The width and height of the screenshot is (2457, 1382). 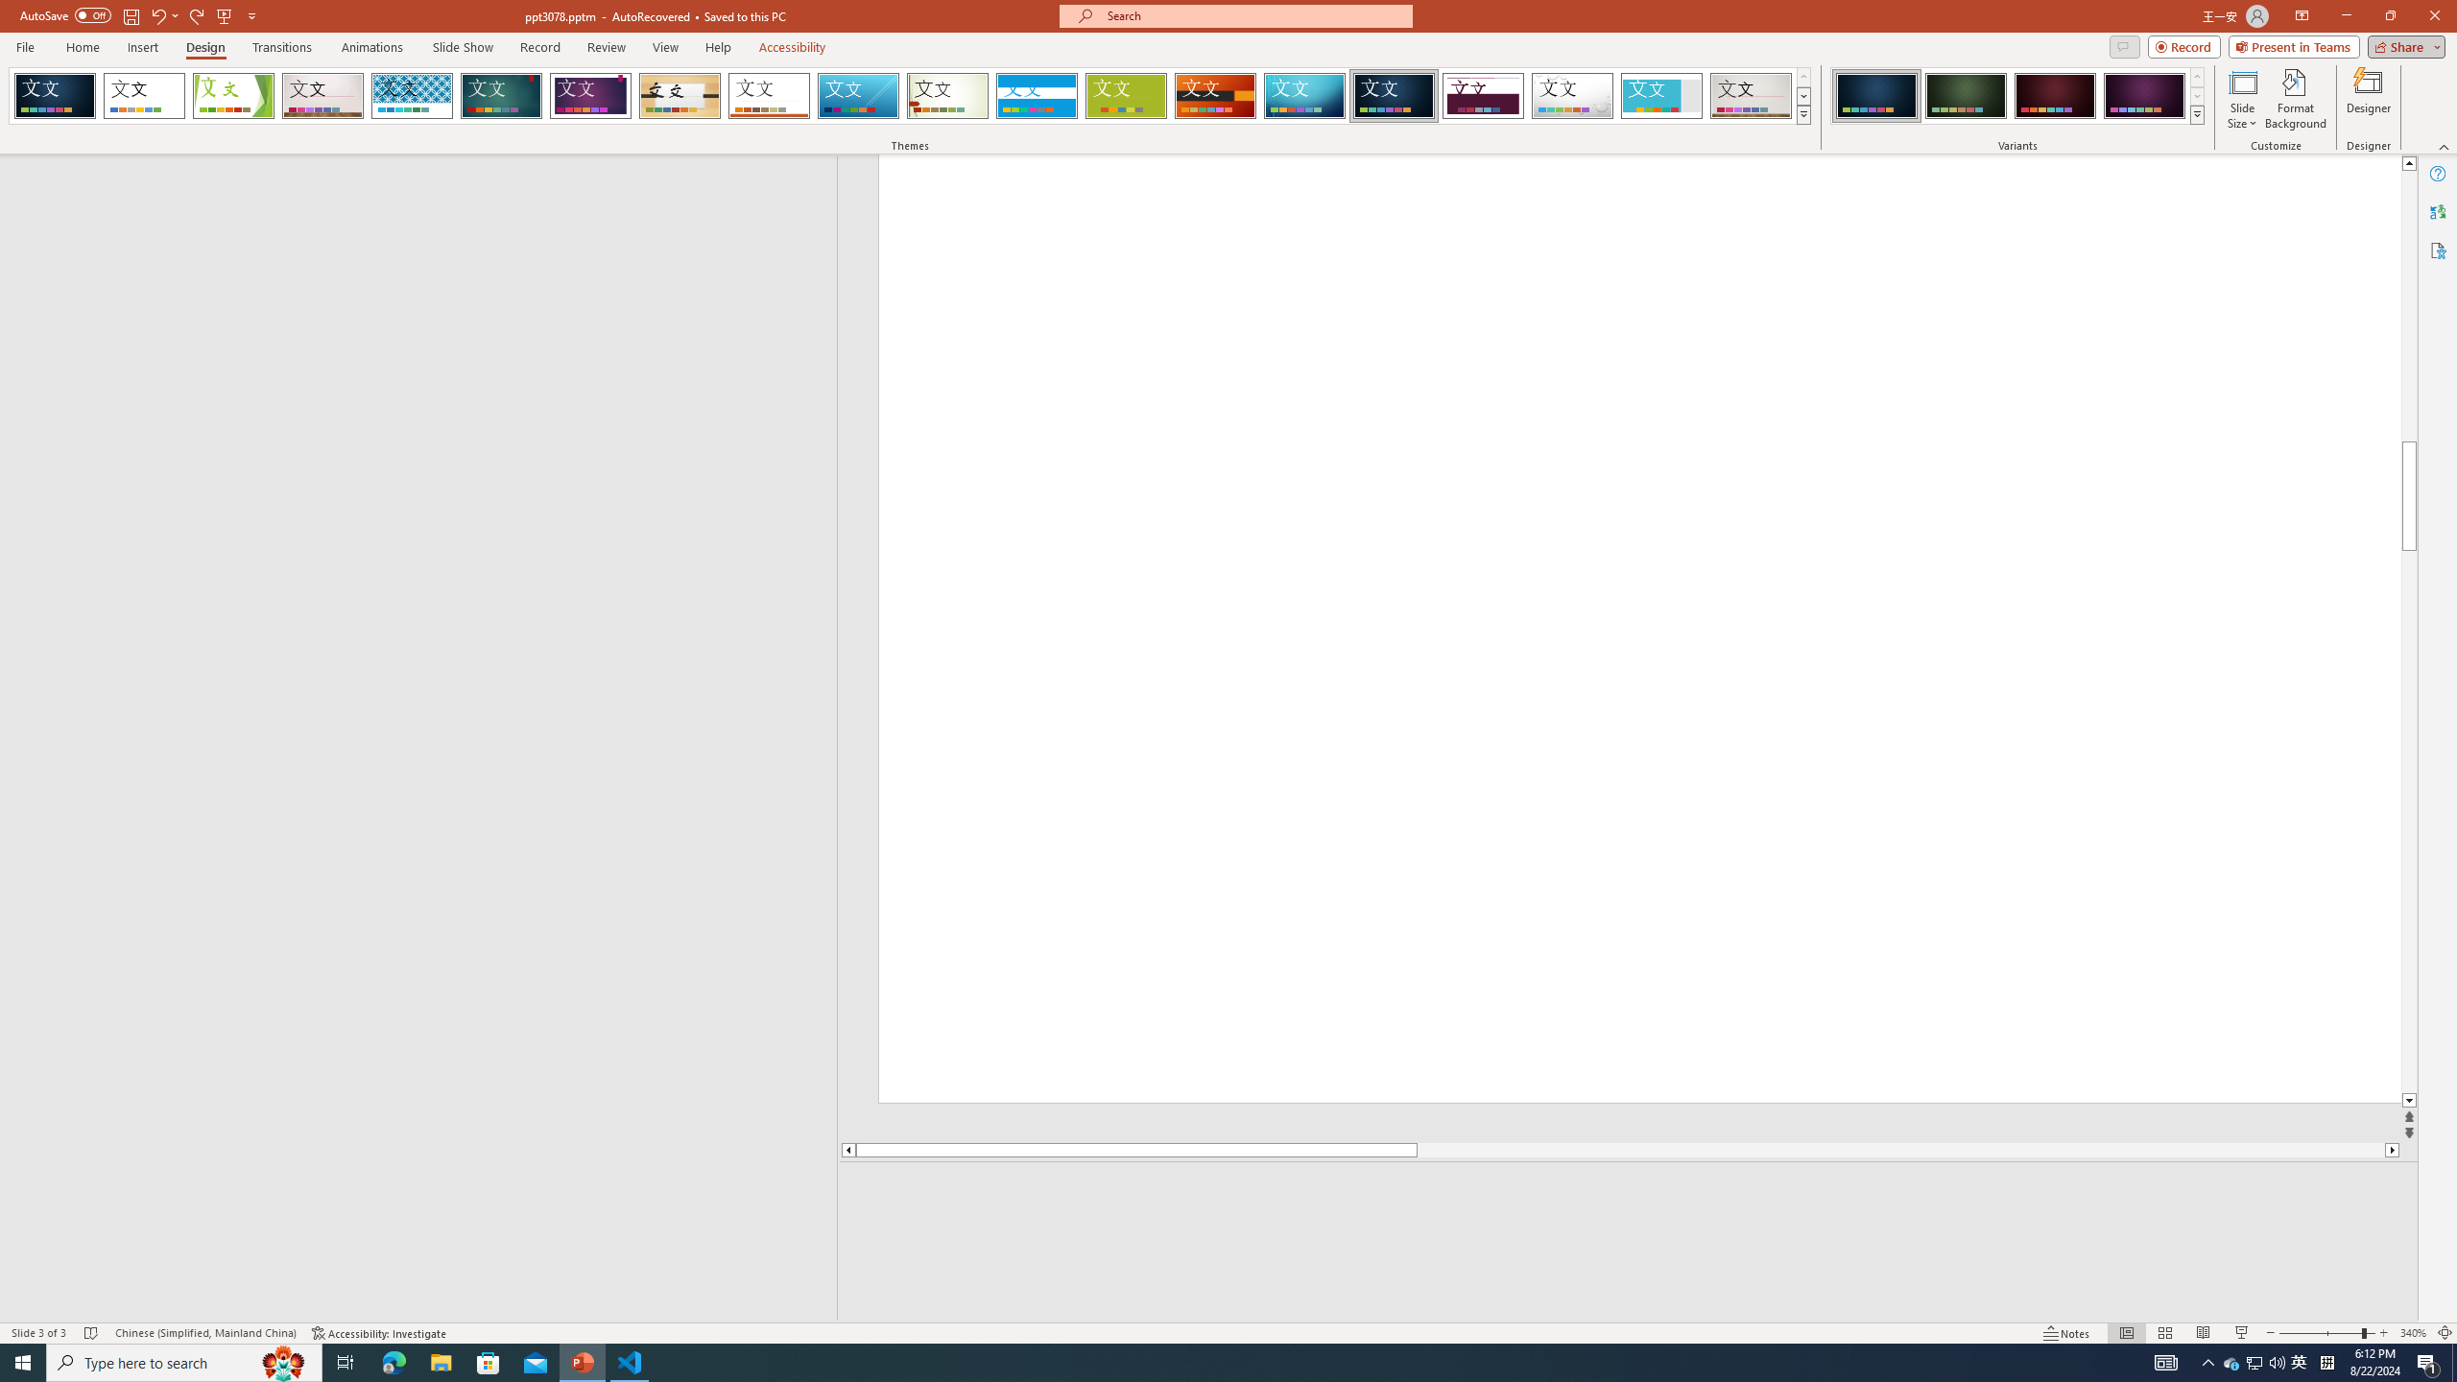 What do you see at coordinates (1483, 95) in the screenshot?
I see `'Dividend'` at bounding box center [1483, 95].